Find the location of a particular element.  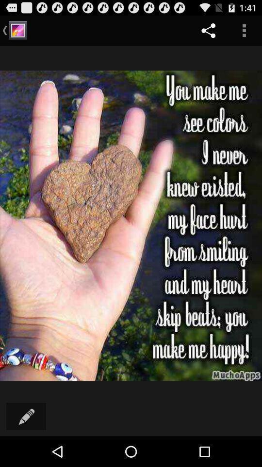

the edit icon is located at coordinates (26, 446).